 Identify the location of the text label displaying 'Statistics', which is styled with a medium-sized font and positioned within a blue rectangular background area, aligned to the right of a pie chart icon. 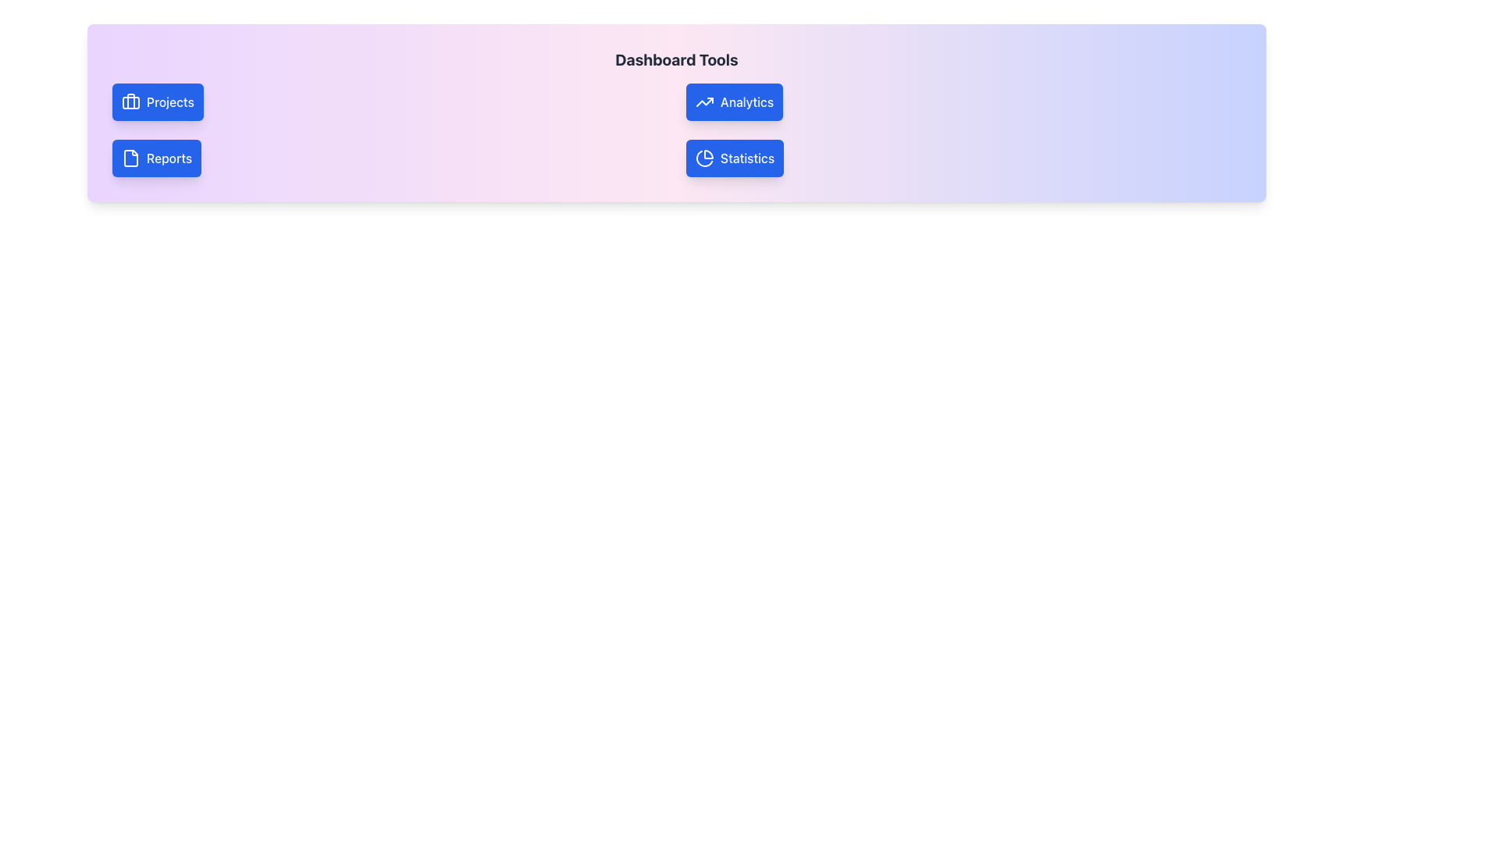
(746, 158).